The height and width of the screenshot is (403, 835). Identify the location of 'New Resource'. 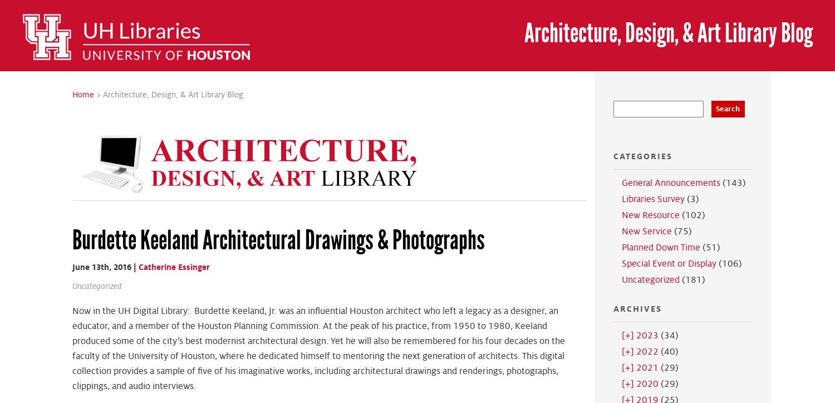
(621, 215).